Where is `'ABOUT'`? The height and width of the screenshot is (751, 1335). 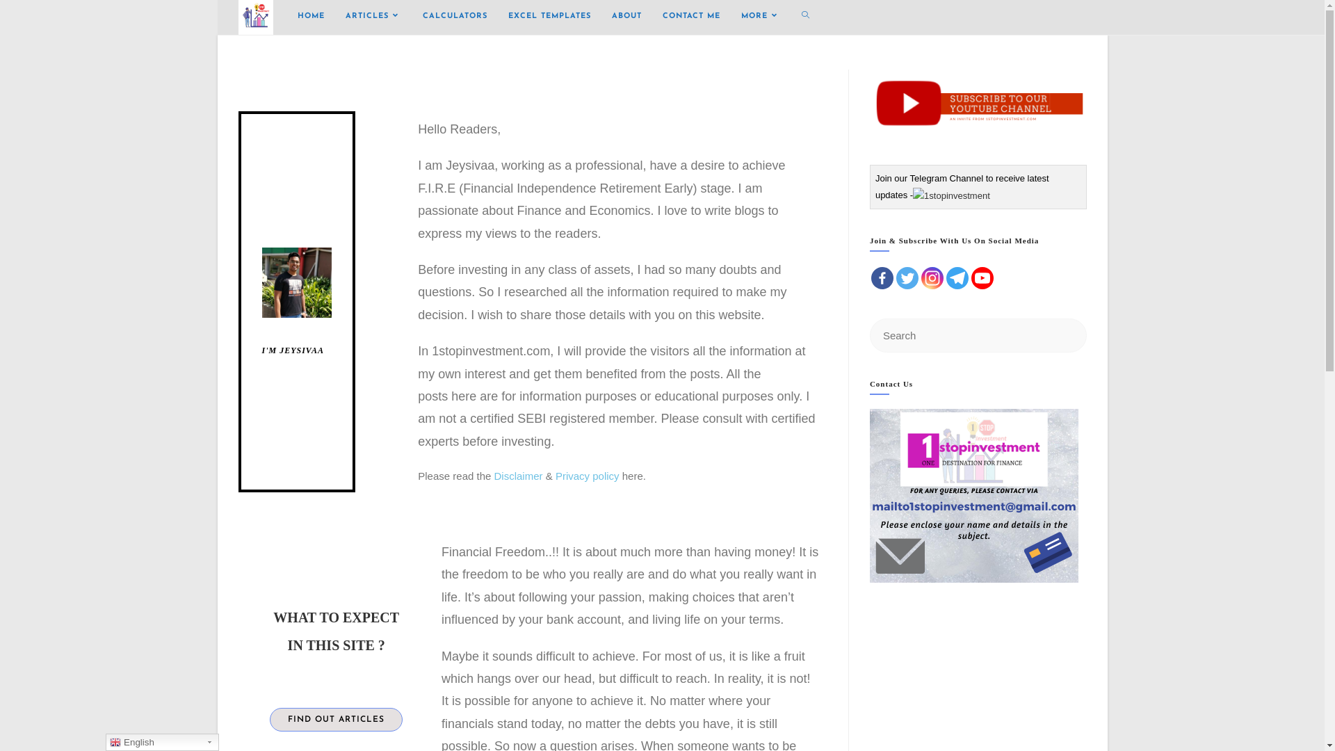 'ABOUT' is located at coordinates (625, 16).